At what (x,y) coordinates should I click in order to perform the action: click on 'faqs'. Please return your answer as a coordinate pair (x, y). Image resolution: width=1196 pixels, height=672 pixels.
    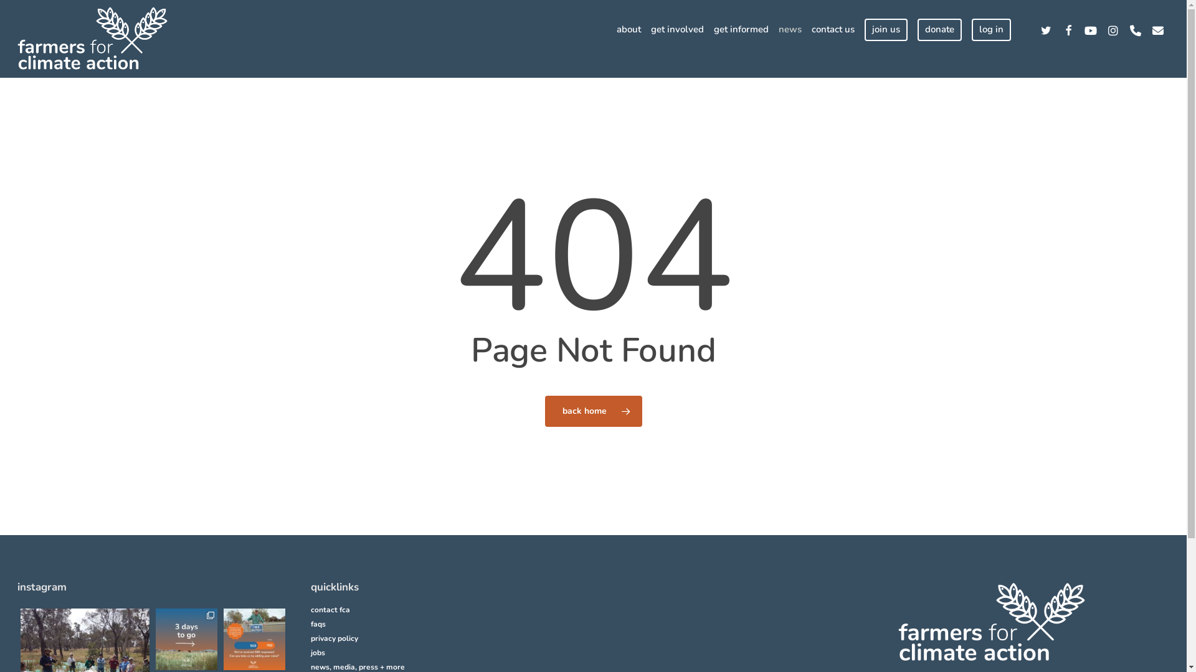
    Looking at the image, I should click on (446, 624).